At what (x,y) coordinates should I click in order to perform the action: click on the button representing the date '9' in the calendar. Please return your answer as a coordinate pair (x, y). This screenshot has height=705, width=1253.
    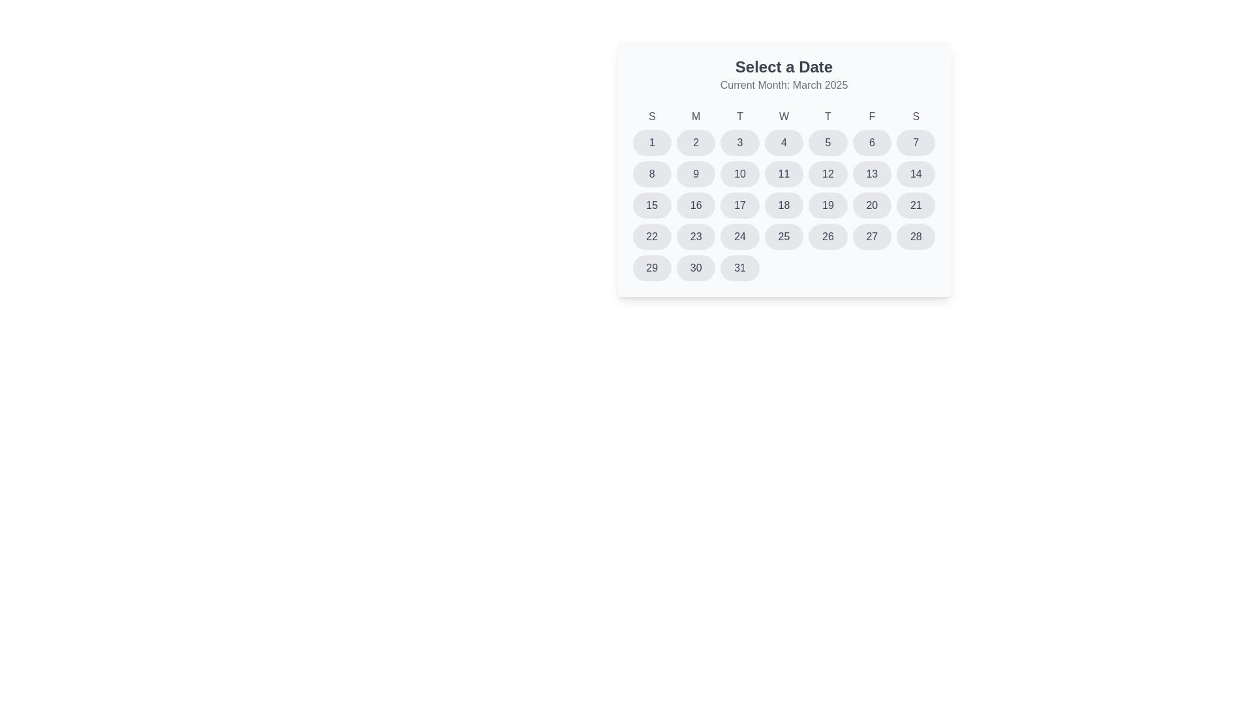
    Looking at the image, I should click on (695, 173).